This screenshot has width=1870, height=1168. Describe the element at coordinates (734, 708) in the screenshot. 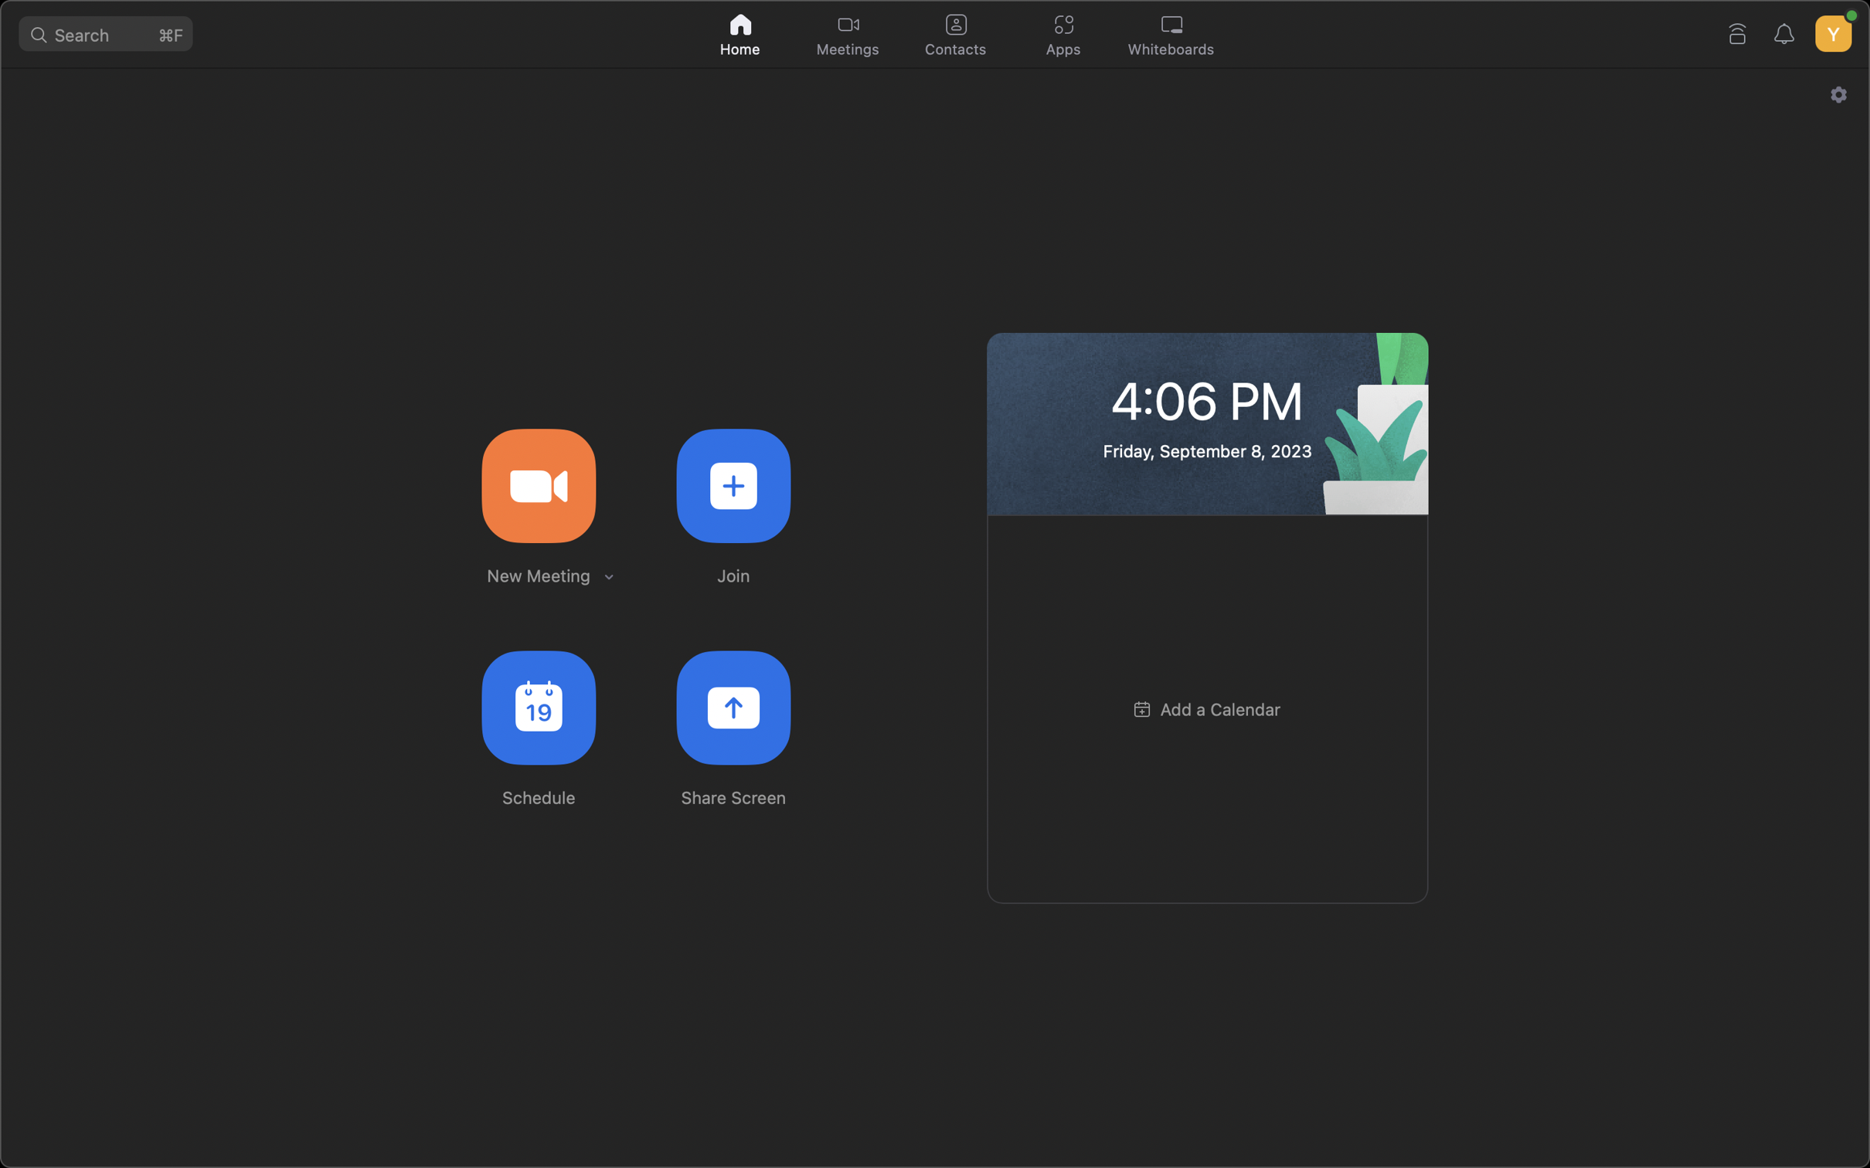

I see `Share your screen with the meeting participants` at that location.